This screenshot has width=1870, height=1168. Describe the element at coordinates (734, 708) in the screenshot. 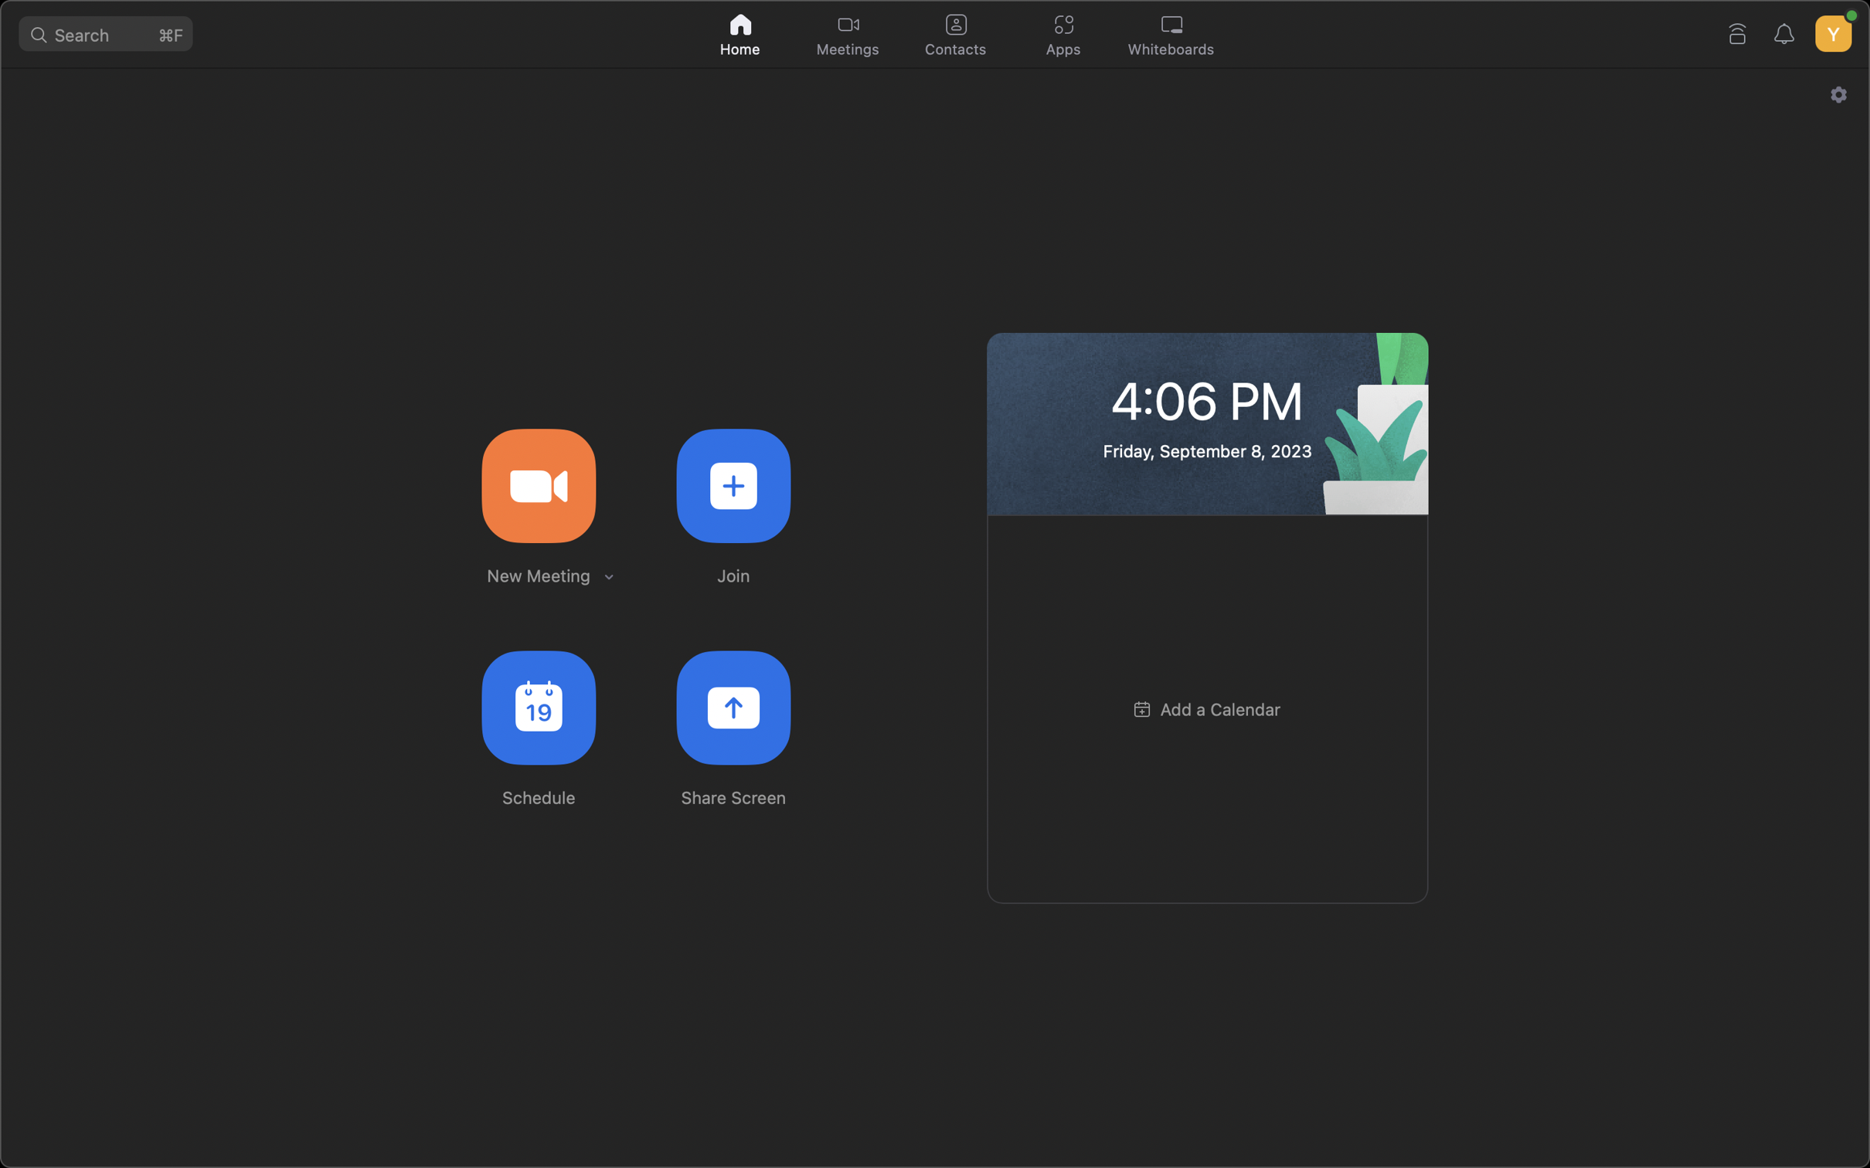

I see `Share your screen with the meeting participants` at that location.